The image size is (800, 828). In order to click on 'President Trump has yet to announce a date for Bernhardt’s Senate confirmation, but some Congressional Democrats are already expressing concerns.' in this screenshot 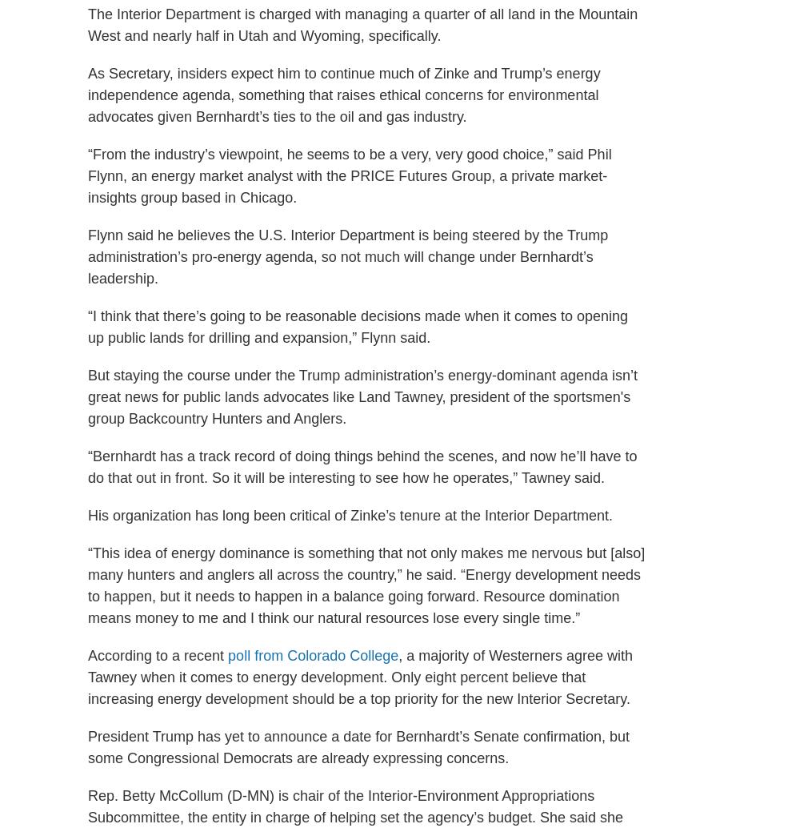, I will do `click(358, 746)`.